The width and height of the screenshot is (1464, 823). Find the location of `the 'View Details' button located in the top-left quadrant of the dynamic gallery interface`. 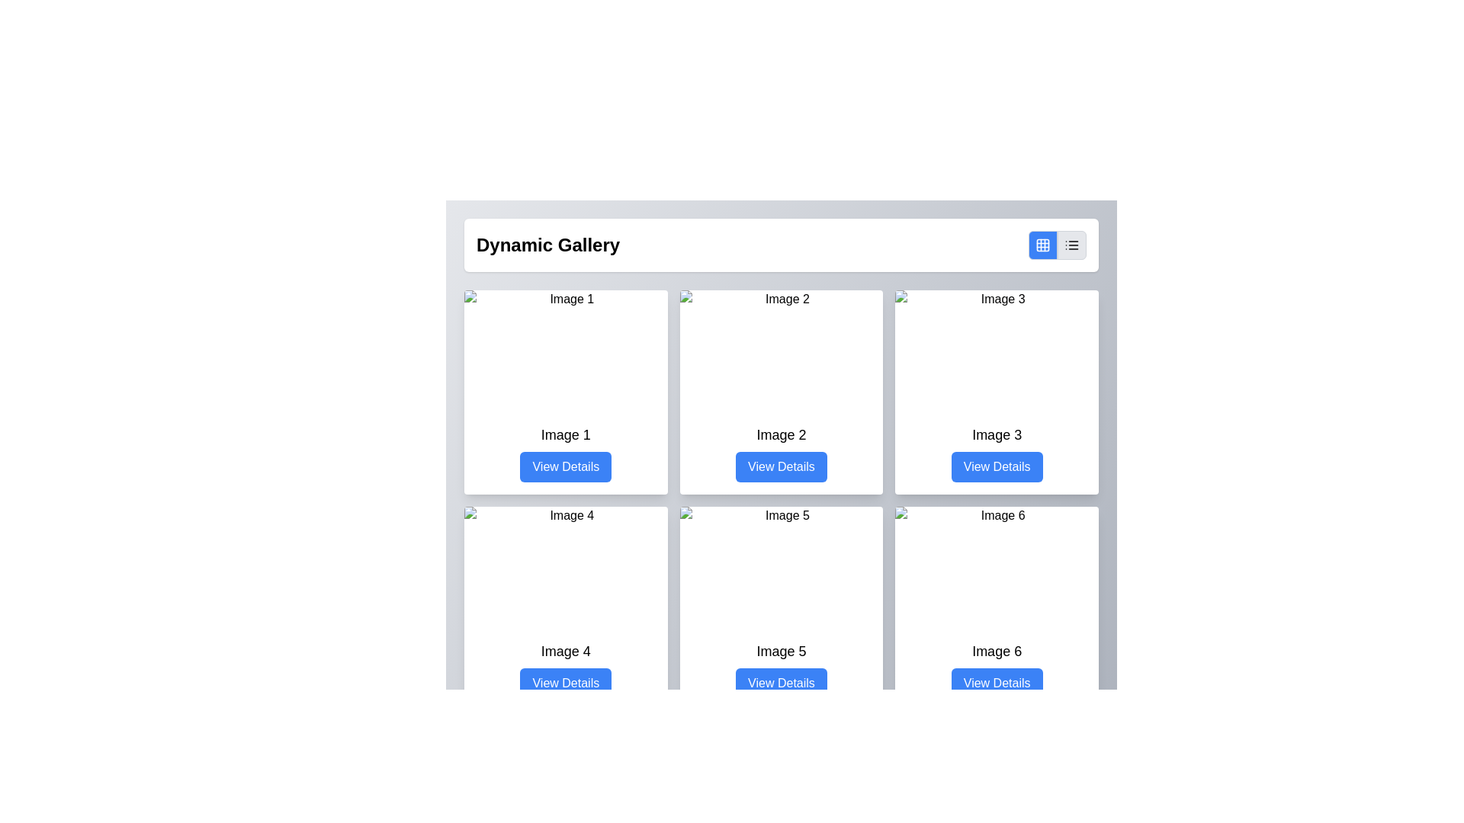

the 'View Details' button located in the top-left quadrant of the dynamic gallery interface is located at coordinates (565, 452).